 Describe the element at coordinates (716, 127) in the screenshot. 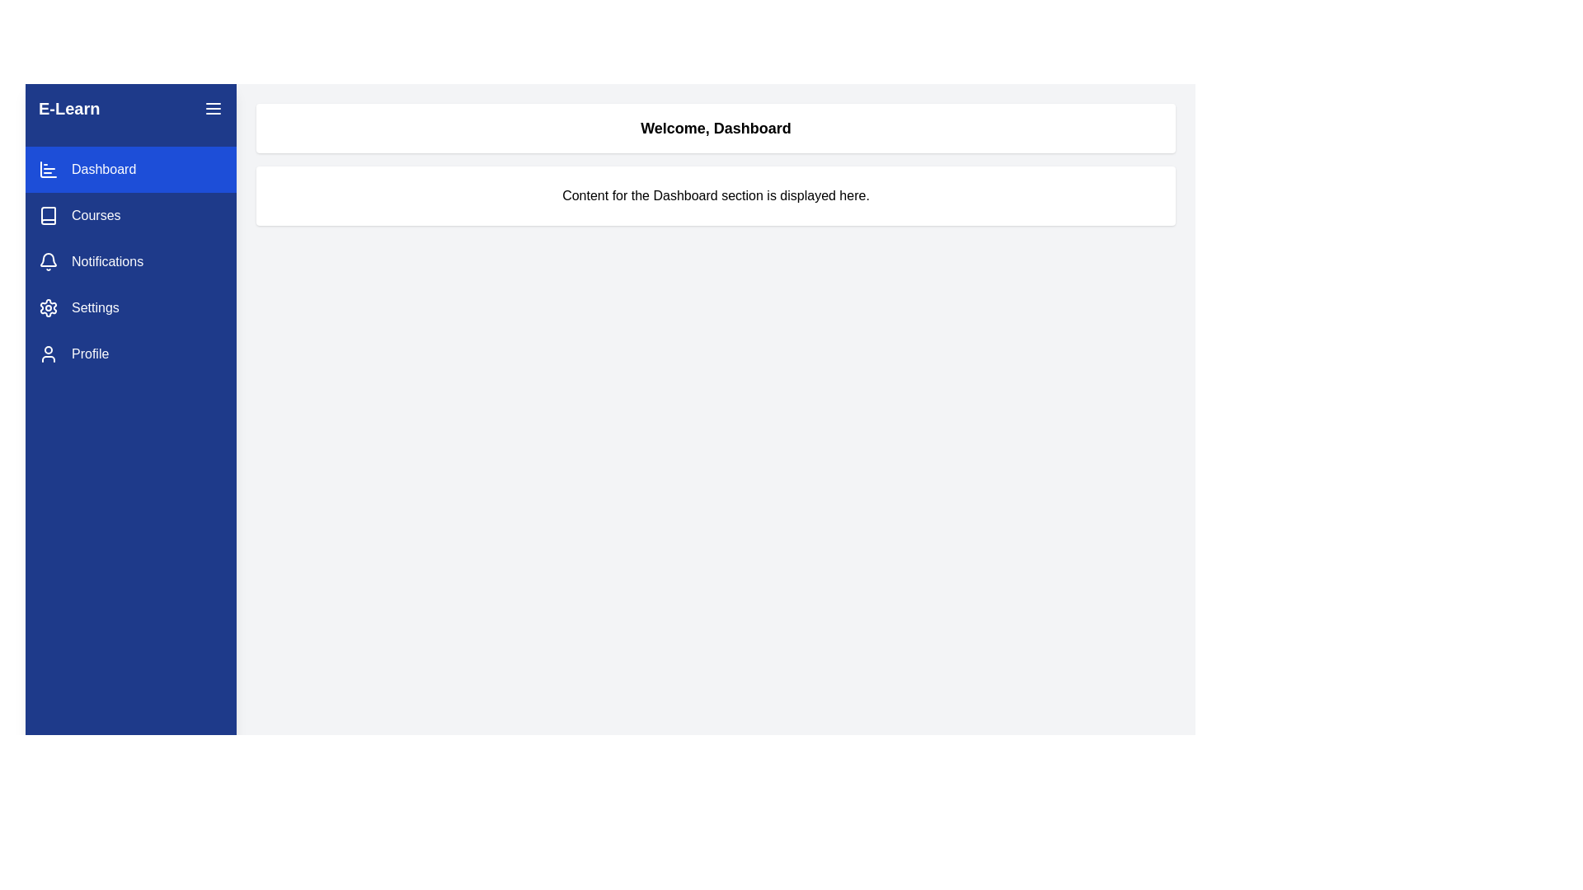

I see `the static text block that serves as the heading or welcome message for the dashboard page, located at the upper section of the main content area` at that location.